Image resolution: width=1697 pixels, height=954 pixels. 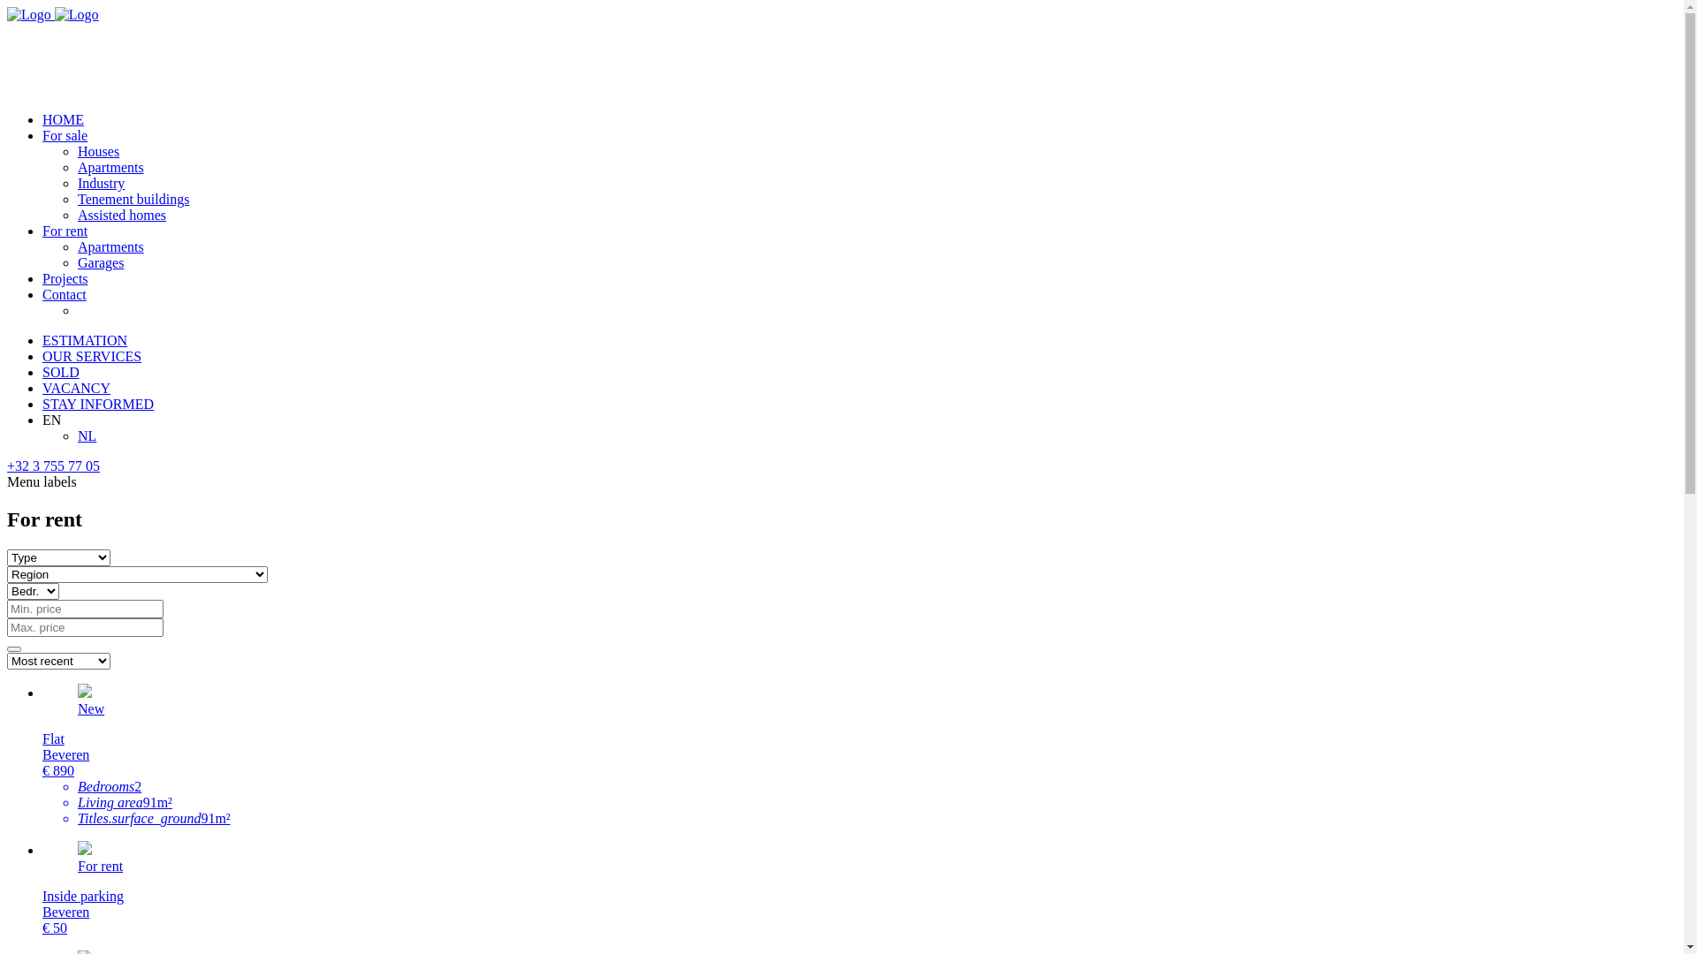 I want to click on 'Contact', so click(x=64, y=293).